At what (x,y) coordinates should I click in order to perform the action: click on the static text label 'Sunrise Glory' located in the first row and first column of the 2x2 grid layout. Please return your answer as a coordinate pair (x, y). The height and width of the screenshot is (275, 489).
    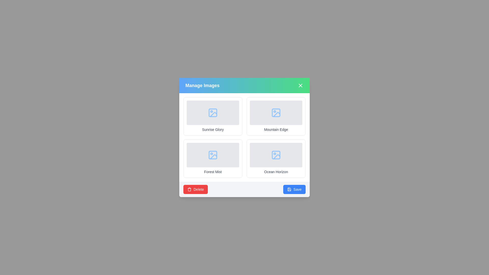
    Looking at the image, I should click on (213, 129).